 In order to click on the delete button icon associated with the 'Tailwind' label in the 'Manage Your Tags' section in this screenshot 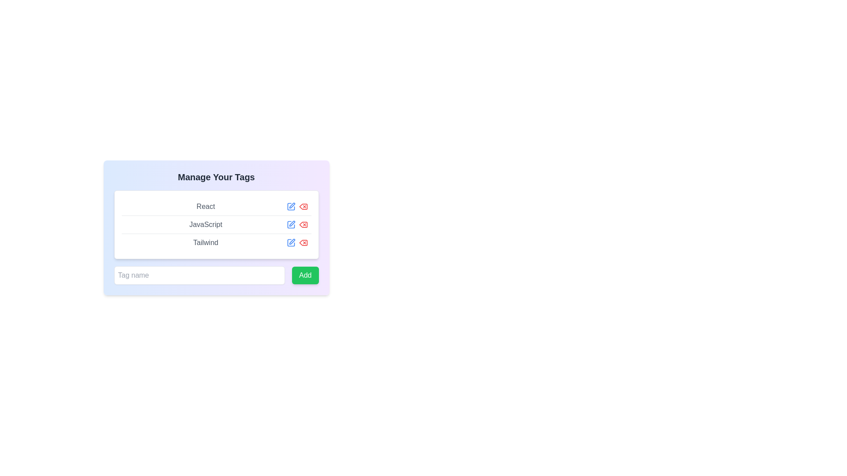, I will do `click(303, 243)`.